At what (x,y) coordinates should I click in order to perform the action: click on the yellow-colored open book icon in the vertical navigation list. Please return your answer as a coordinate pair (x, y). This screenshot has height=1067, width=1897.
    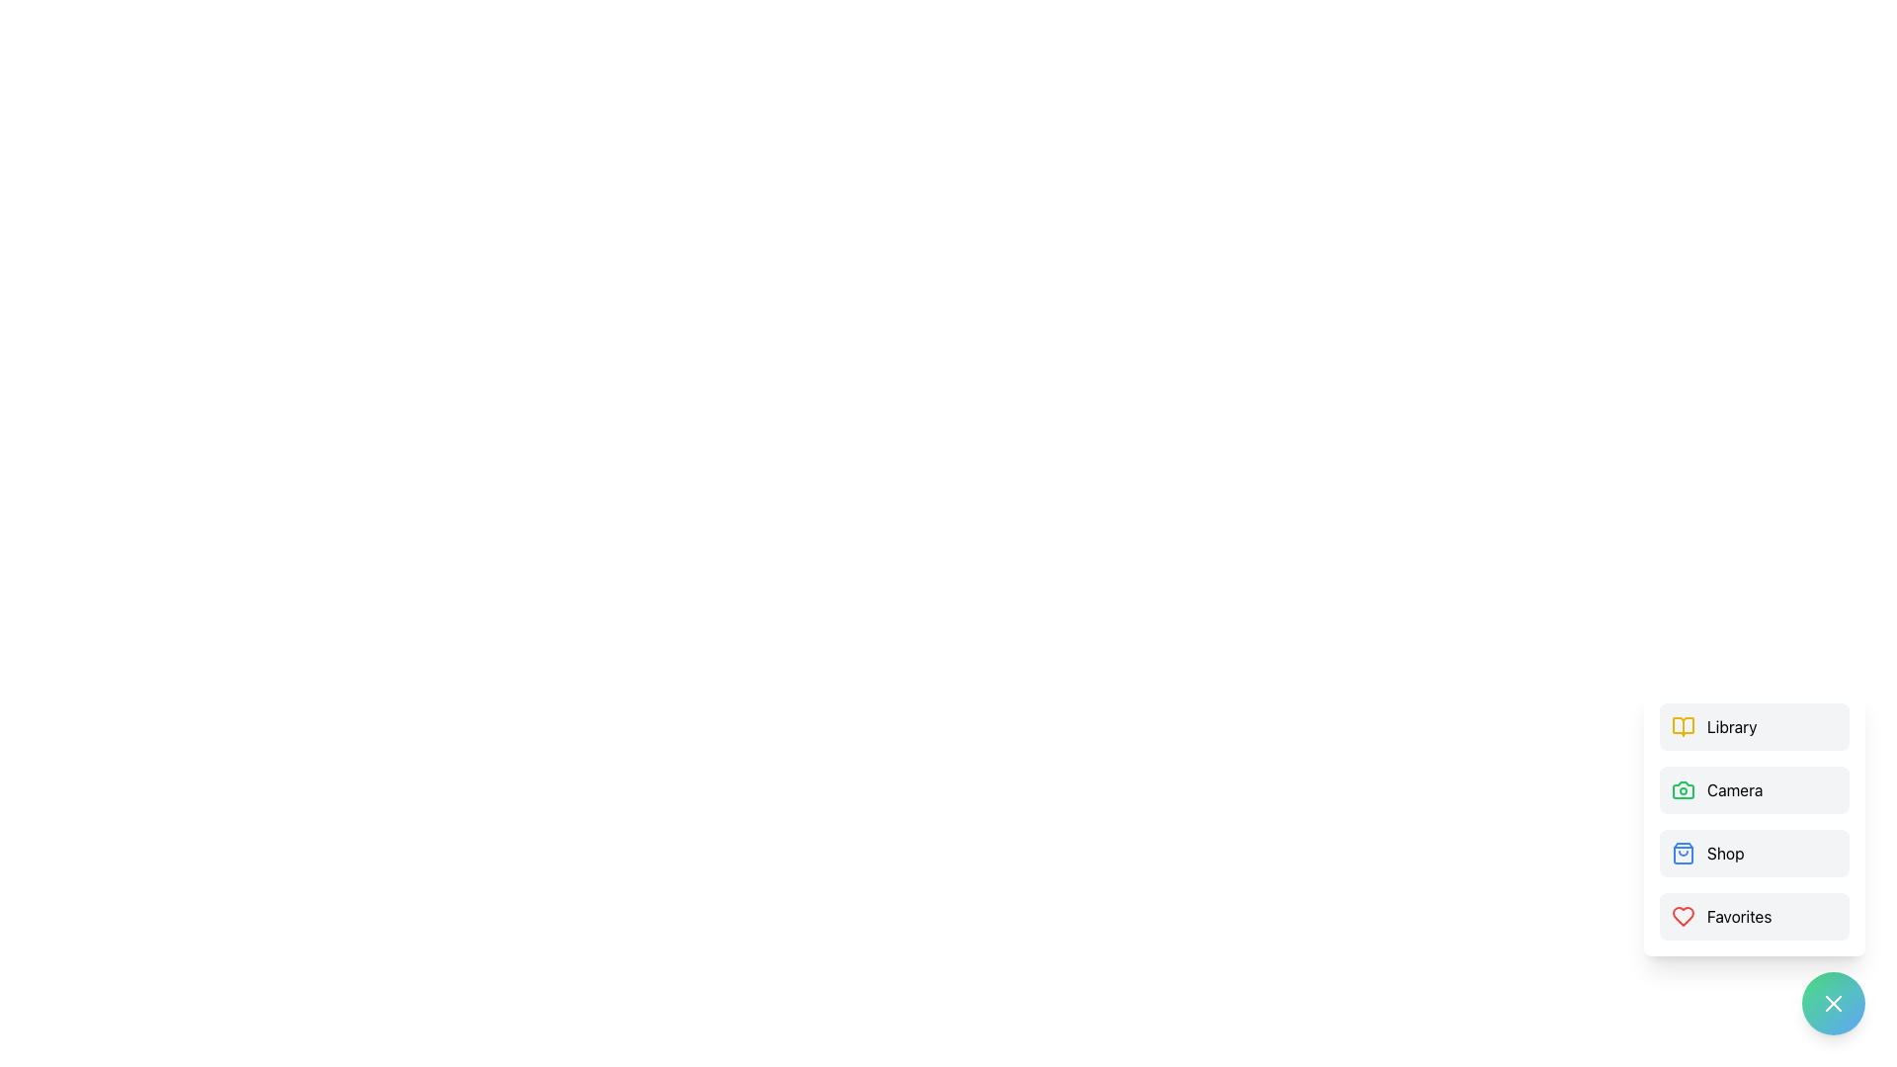
    Looking at the image, I should click on (1683, 727).